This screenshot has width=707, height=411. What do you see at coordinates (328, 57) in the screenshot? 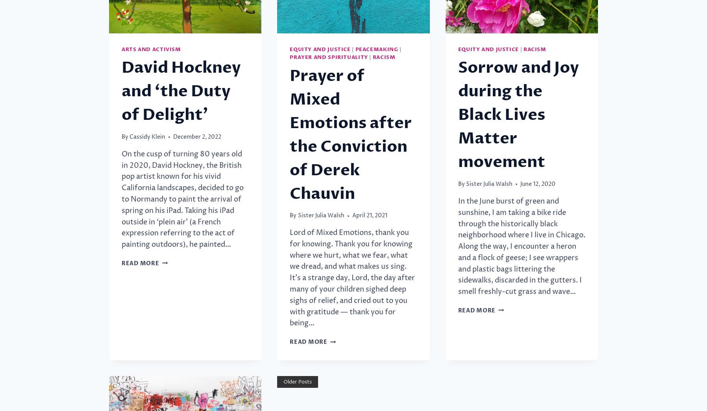
I see `'Prayer and Spirituality'` at bounding box center [328, 57].